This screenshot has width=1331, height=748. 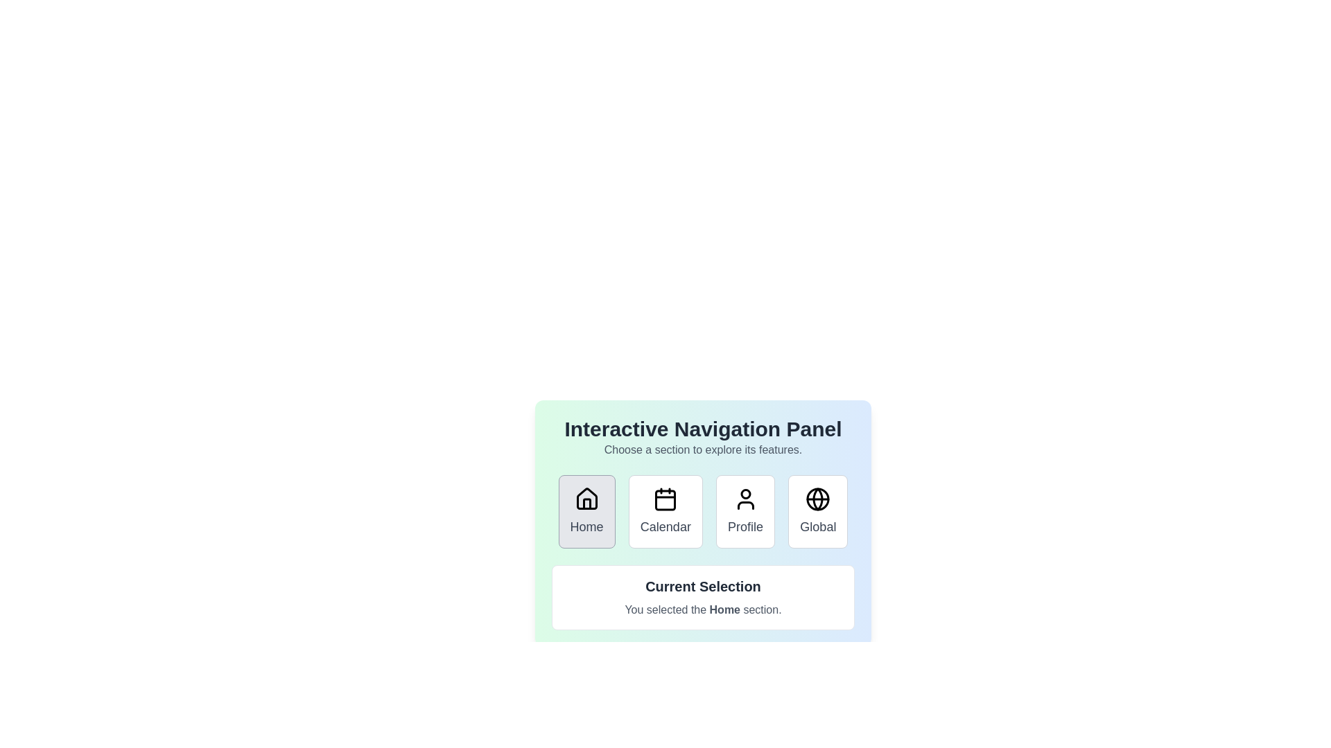 What do you see at coordinates (818, 526) in the screenshot?
I see `text content of the descriptive label located at the bottom section of the 'Global' card, situated beneath the globe icon in the interactive navigation panel` at bounding box center [818, 526].